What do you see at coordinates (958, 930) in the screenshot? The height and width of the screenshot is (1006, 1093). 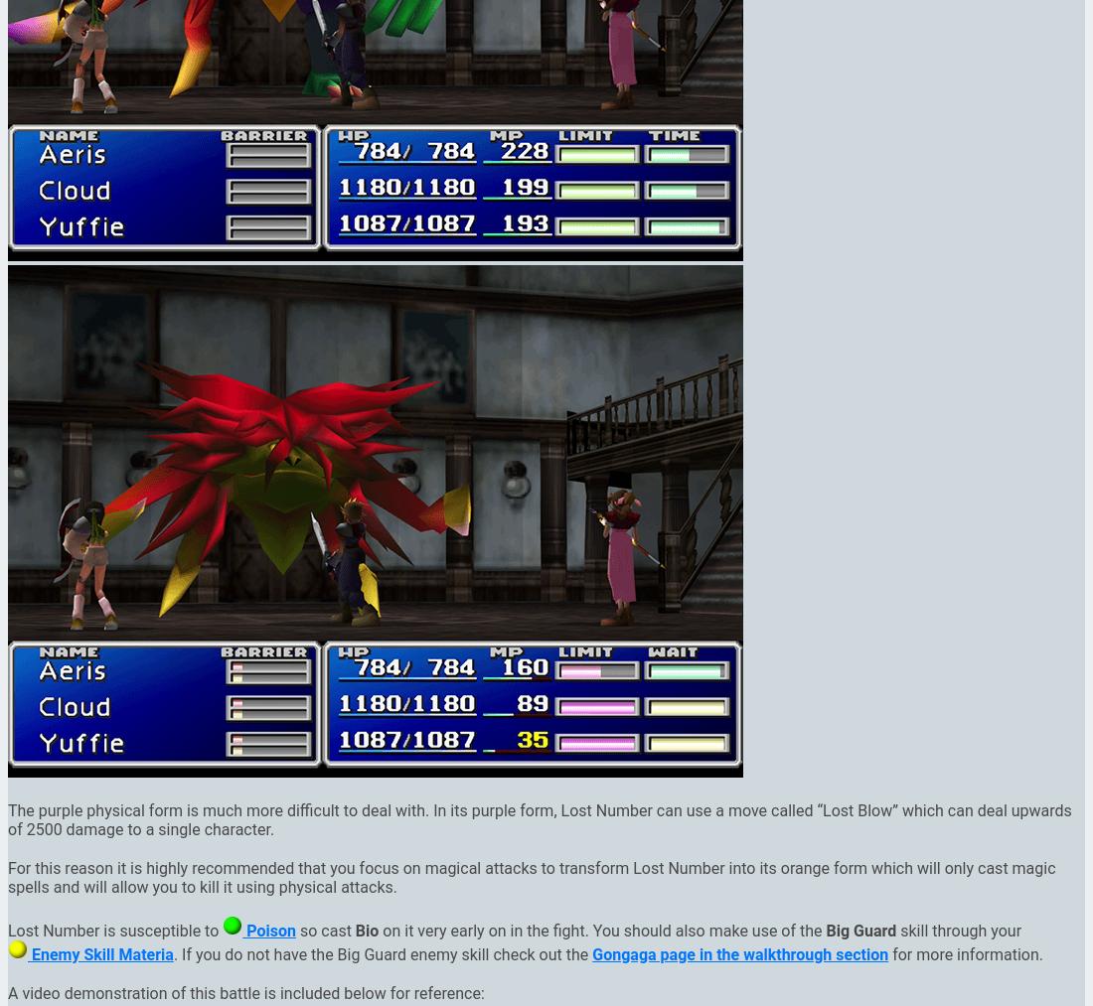 I see `'skill through your'` at bounding box center [958, 930].